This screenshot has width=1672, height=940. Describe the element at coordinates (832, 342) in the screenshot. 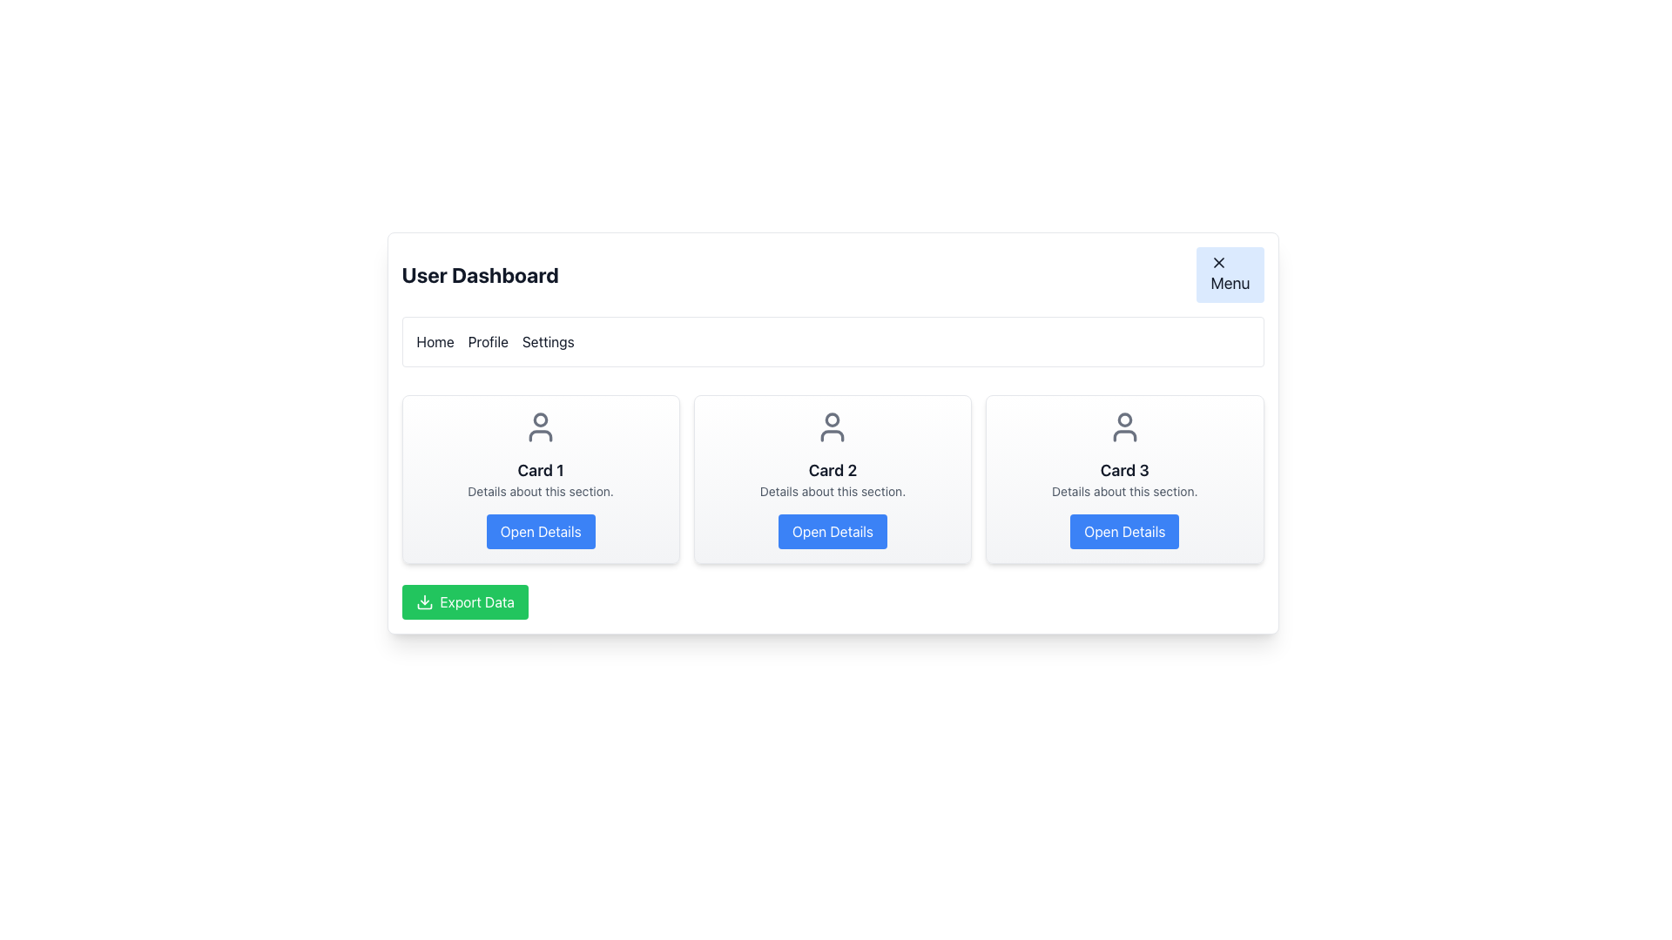

I see `the 'Profile' link in the Navigation bar` at that location.